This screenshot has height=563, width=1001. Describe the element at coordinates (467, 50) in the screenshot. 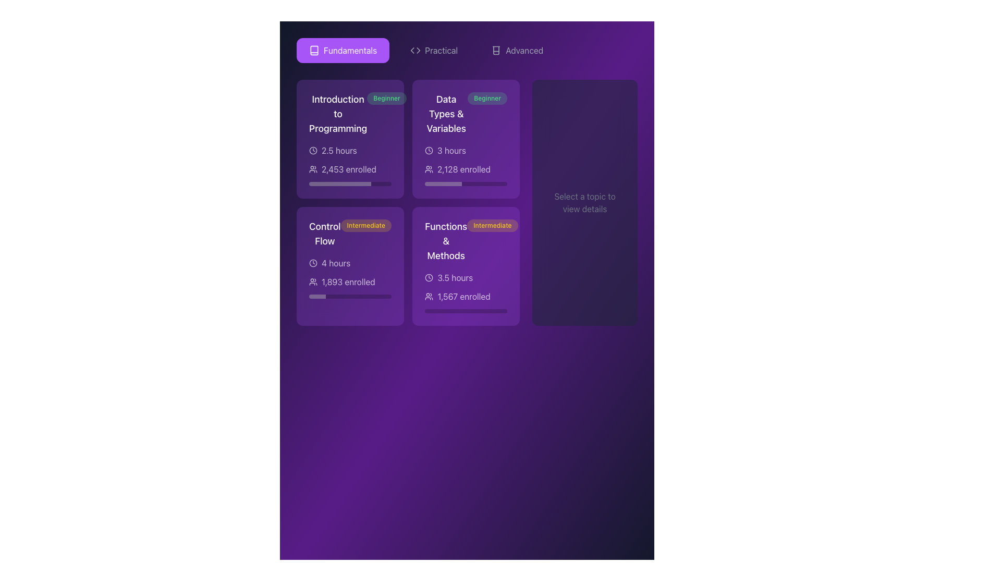

I see `the 'Practical' tab in the tab group` at that location.